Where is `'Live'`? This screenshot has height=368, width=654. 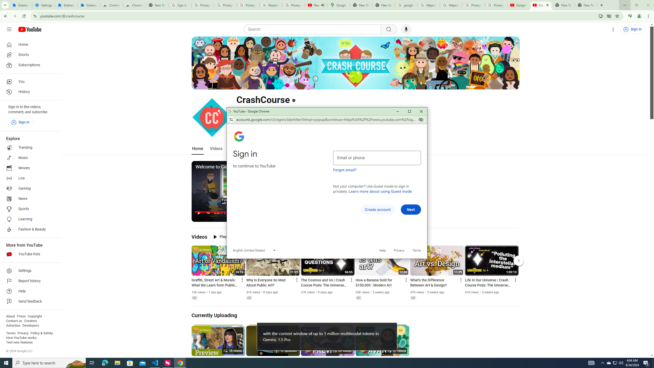 'Live' is located at coordinates (29, 178).